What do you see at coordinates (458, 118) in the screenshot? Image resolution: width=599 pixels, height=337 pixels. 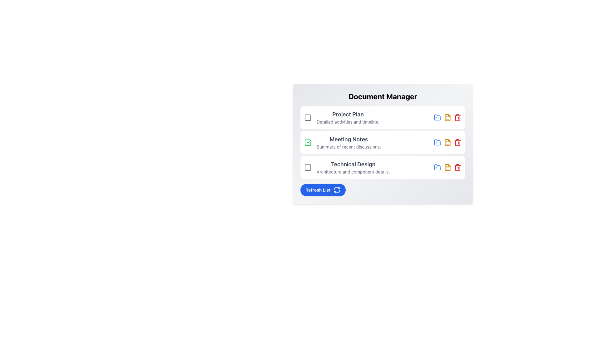 I see `the red trash can icon, which is the rightmost icon in a horizontal control group` at bounding box center [458, 118].